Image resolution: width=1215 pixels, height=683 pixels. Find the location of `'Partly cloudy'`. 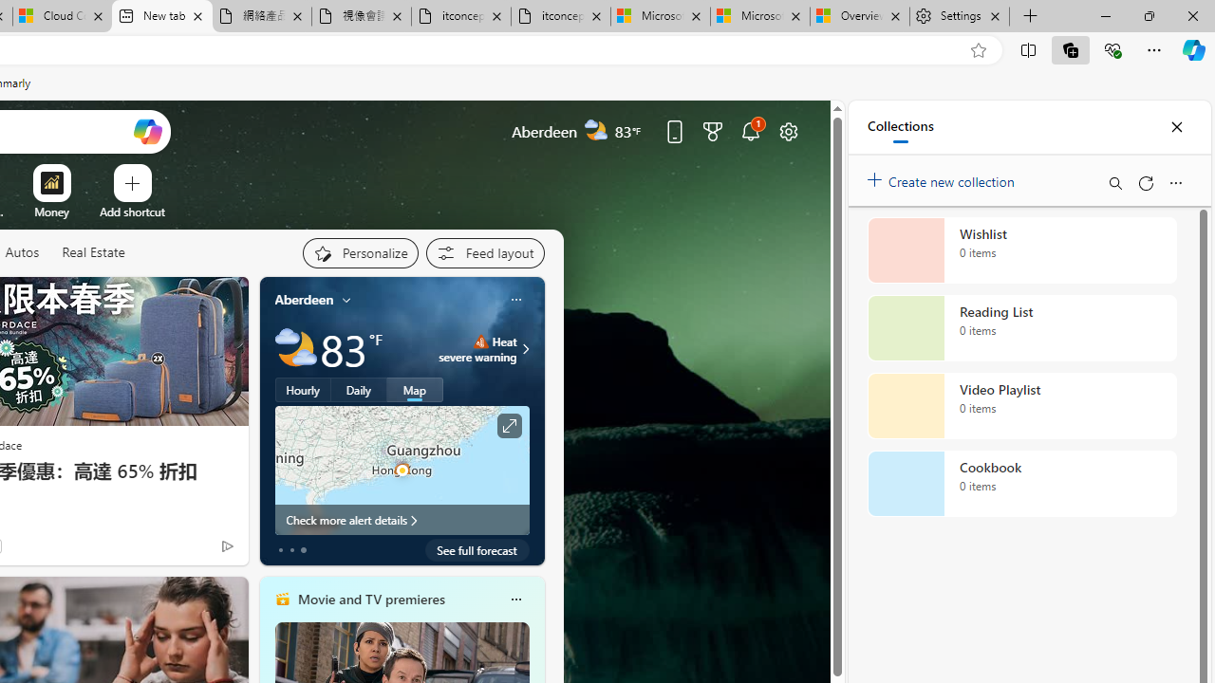

'Partly cloudy' is located at coordinates (294, 349).